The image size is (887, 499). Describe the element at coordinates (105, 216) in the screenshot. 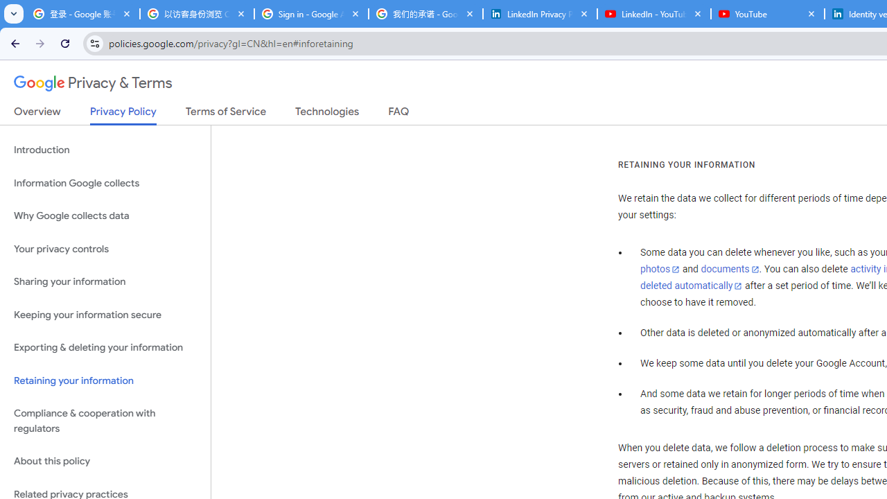

I see `'Why Google collects data'` at that location.